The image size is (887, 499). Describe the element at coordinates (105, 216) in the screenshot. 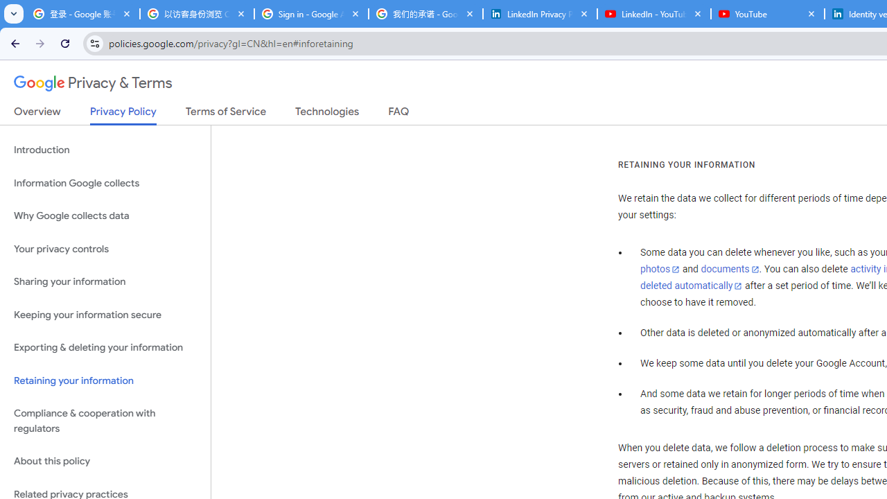

I see `'Why Google collects data'` at that location.